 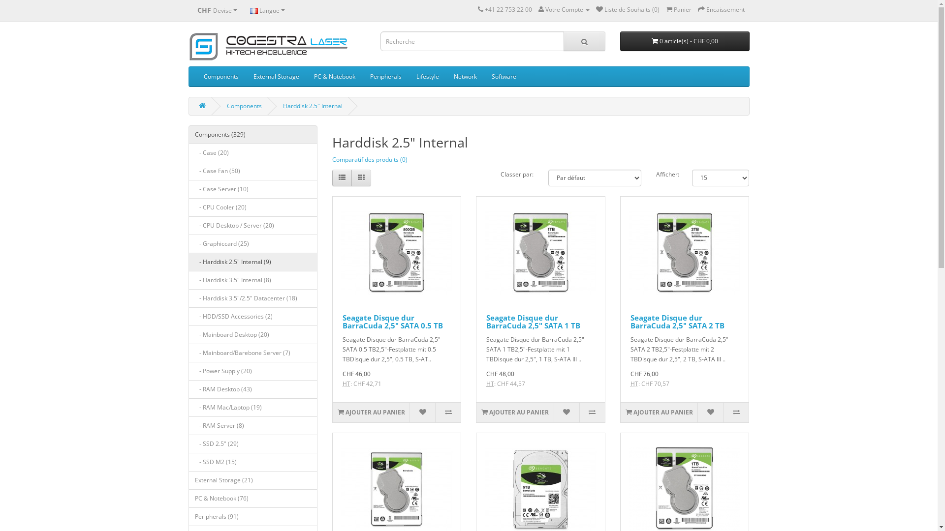 What do you see at coordinates (620, 413) in the screenshot?
I see `'AJOUTER AU PANIER'` at bounding box center [620, 413].